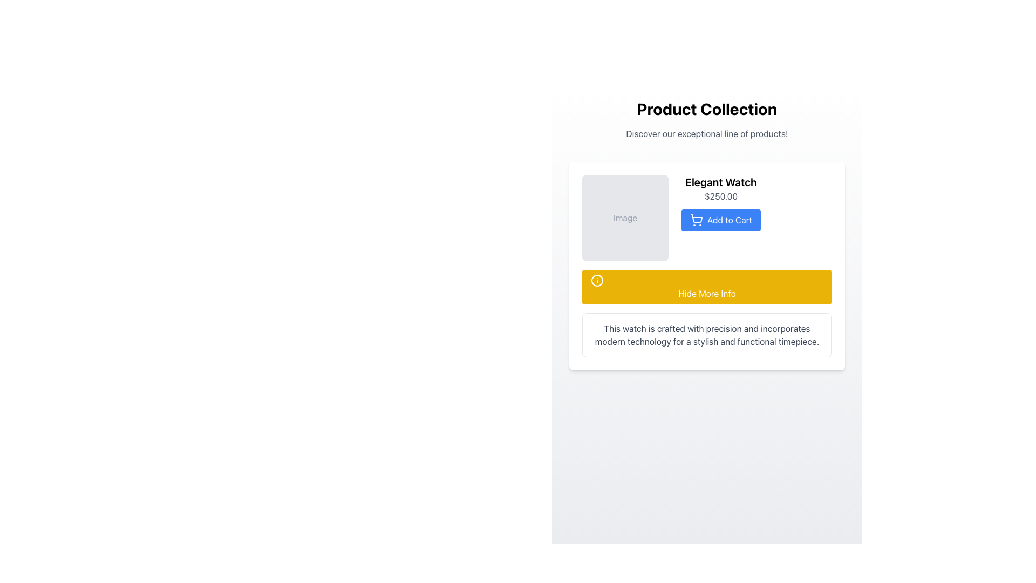 This screenshot has height=583, width=1036. I want to click on bold and large text element displaying 'Product Collection', which is prominently styled and centered at the top of the page, so click(707, 109).